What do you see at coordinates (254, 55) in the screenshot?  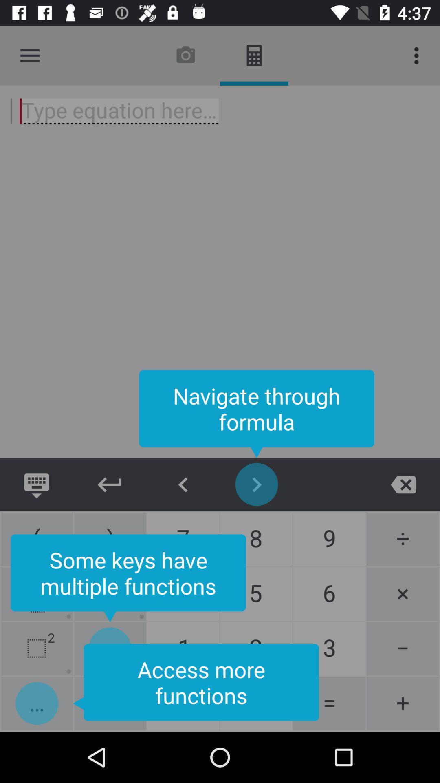 I see `the image which is beside camera` at bounding box center [254, 55].